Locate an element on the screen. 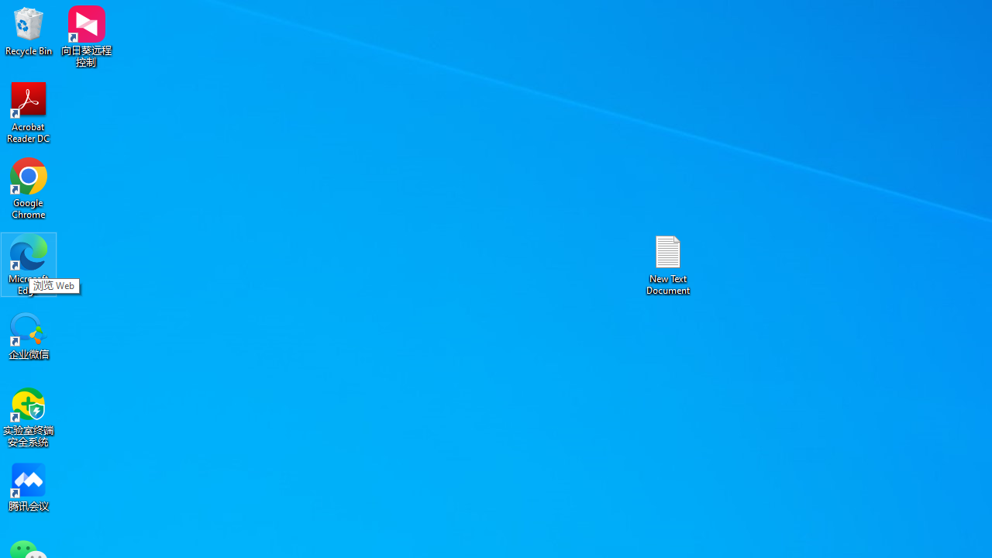 The height and width of the screenshot is (558, 992). 'New Text Document' is located at coordinates (668, 263).